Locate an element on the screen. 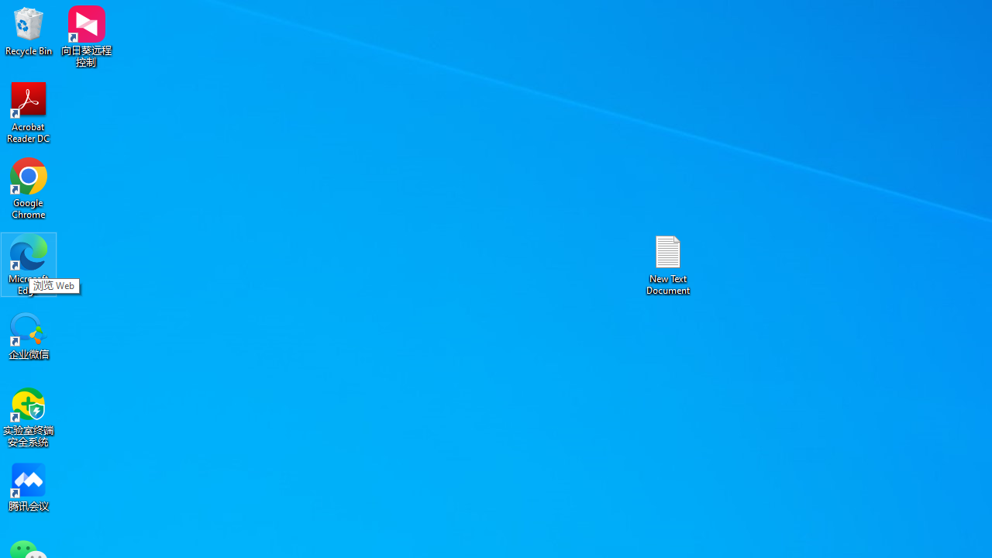 The height and width of the screenshot is (558, 992). 'New Text Document' is located at coordinates (668, 263).